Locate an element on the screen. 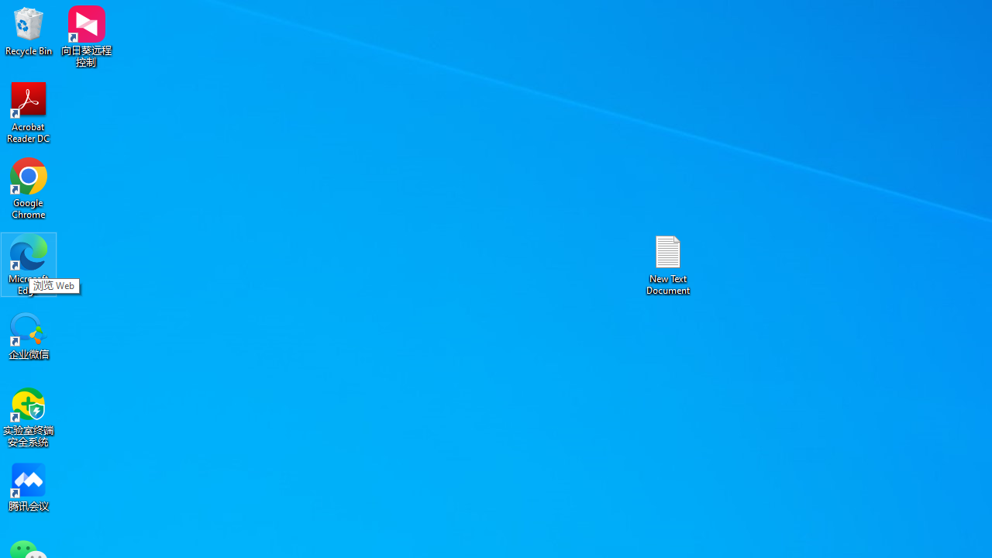 The height and width of the screenshot is (558, 992). 'New Text Document' is located at coordinates (668, 263).